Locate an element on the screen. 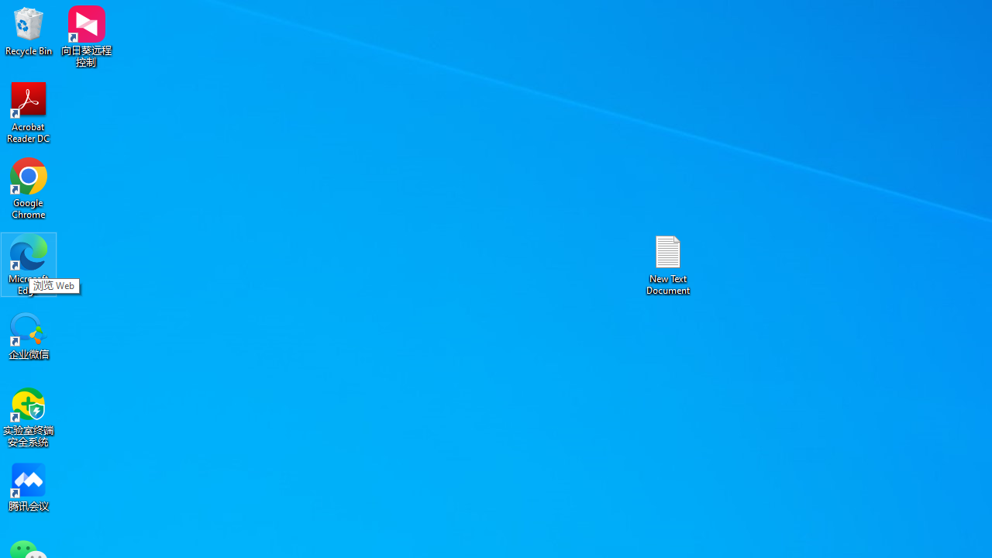 The height and width of the screenshot is (558, 992). 'New Text Document' is located at coordinates (668, 263).